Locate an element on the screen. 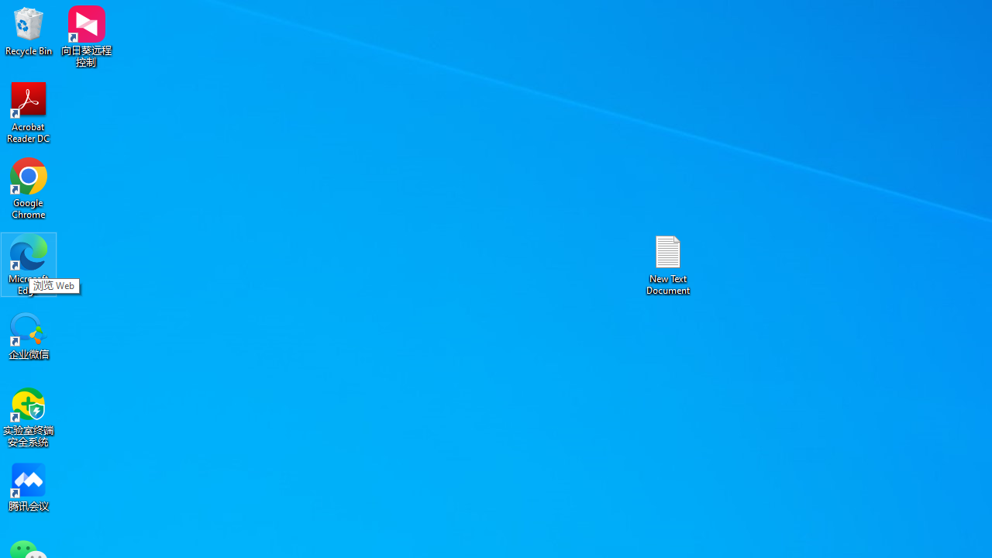 The height and width of the screenshot is (558, 992). 'New Text Document' is located at coordinates (668, 263).